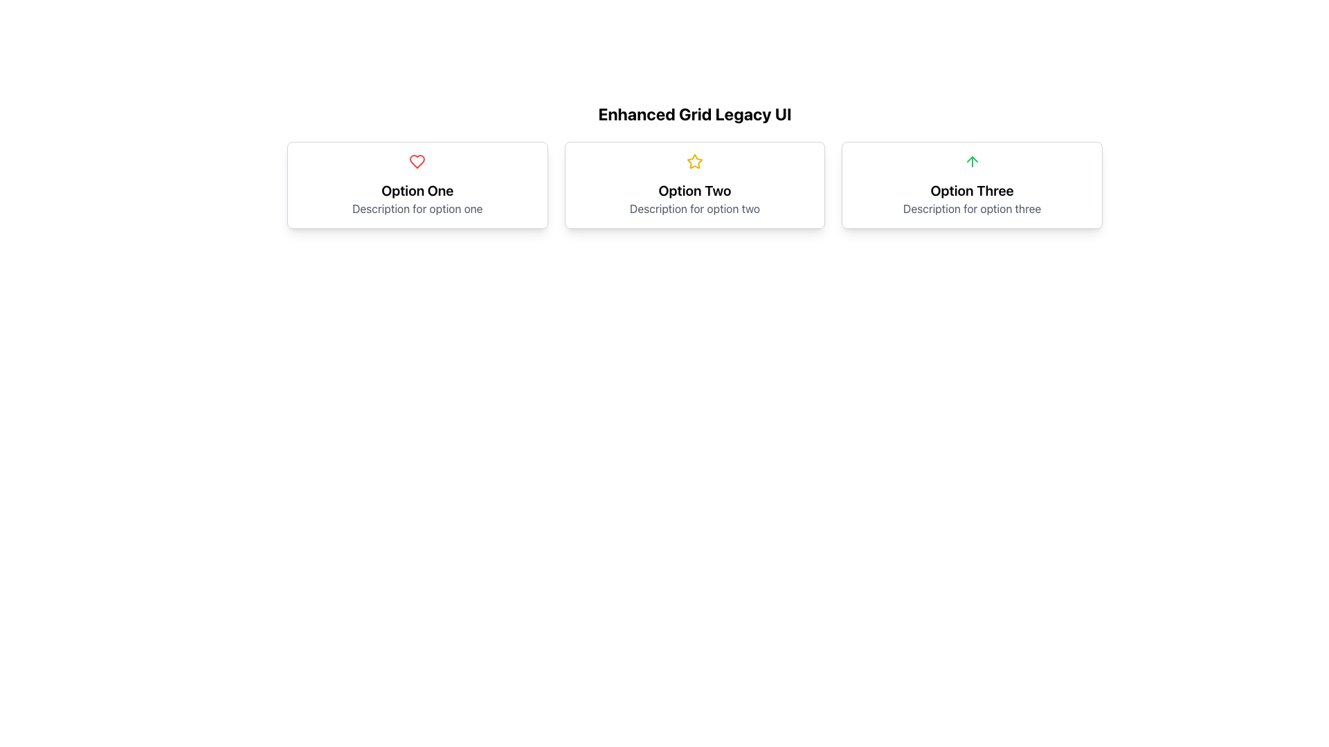 This screenshot has height=747, width=1329. I want to click on the small upward-pointing green arrow icon located above the text 'Option Three' in the right-most card of a three-card layout, so click(971, 161).